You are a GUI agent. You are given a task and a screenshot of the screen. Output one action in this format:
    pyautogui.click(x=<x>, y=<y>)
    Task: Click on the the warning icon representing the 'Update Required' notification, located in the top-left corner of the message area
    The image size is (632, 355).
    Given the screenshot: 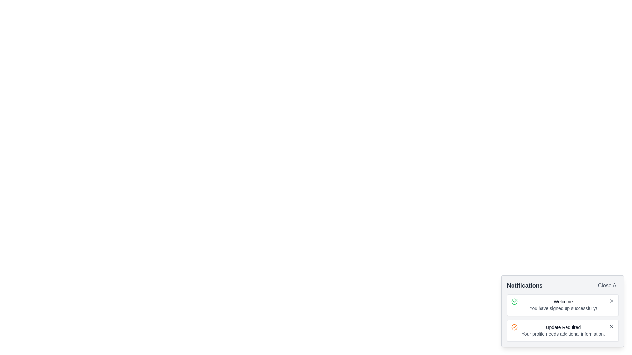 What is the action you would take?
    pyautogui.click(x=514, y=327)
    